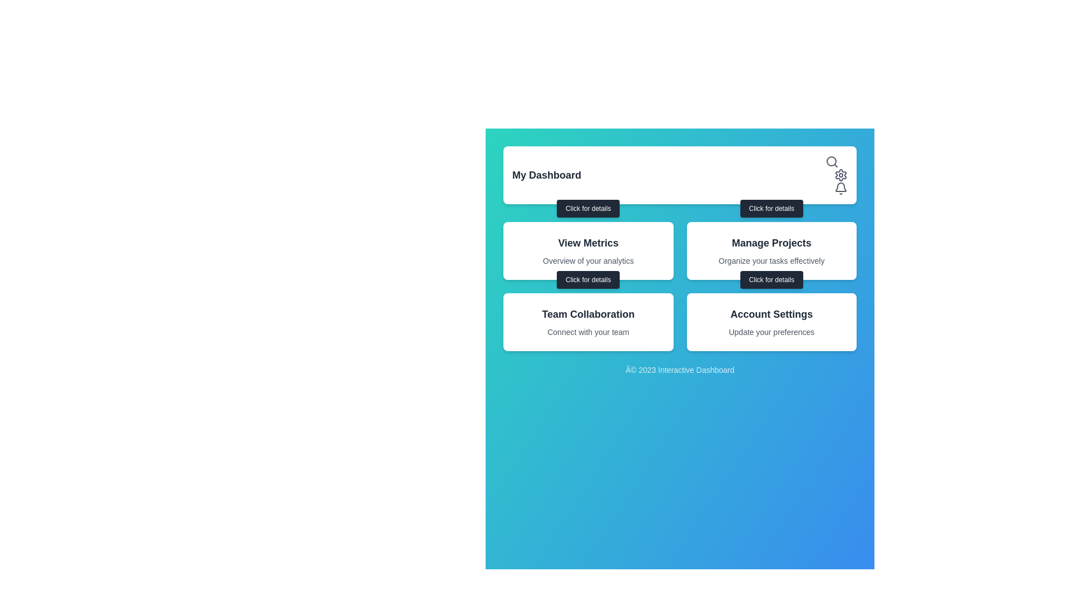 The width and height of the screenshot is (1068, 601). I want to click on the bell icon located in the top-right corner of the navigation bar, so click(841, 188).